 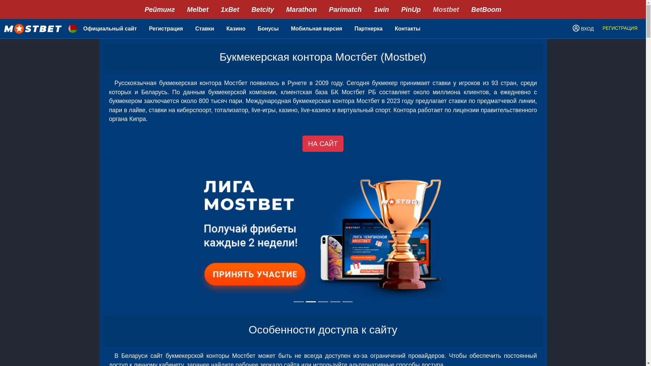 I want to click on 'PinUp', so click(x=410, y=9).